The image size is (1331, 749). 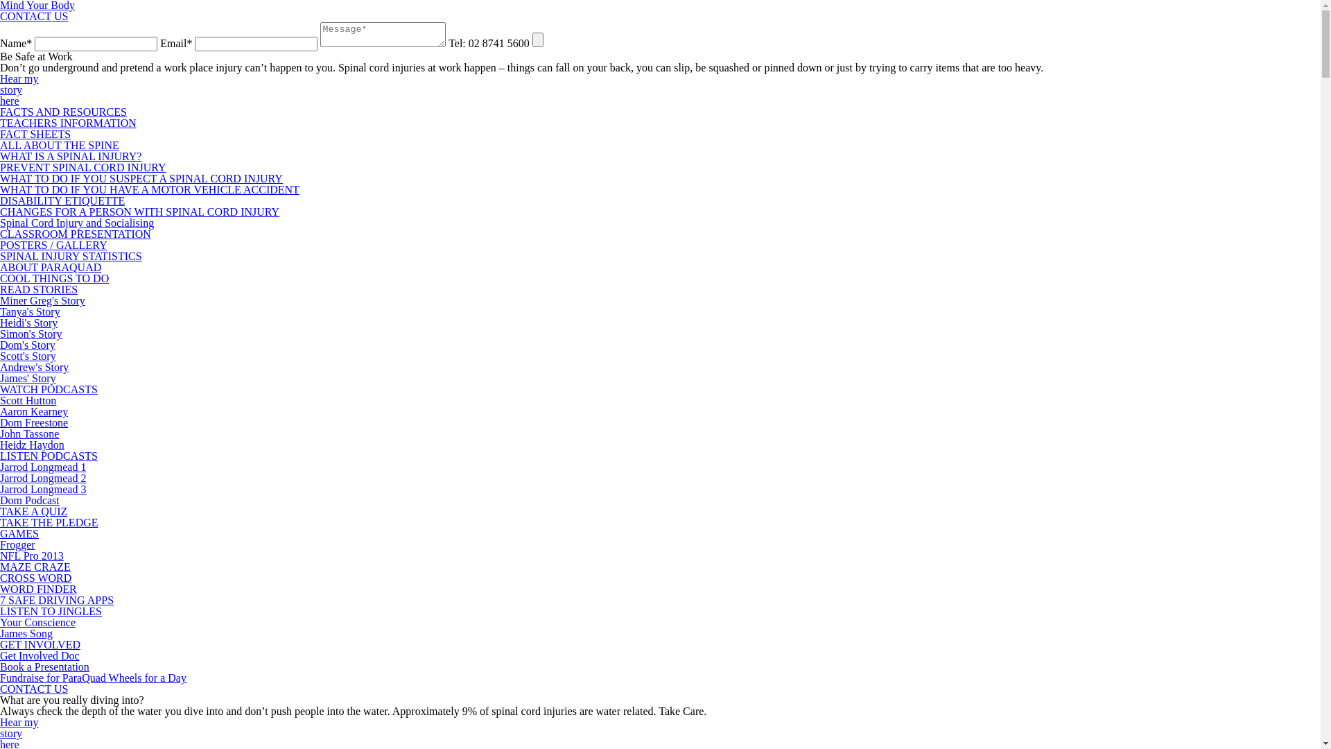 What do you see at coordinates (32, 555) in the screenshot?
I see `'NFL Pro 2013'` at bounding box center [32, 555].